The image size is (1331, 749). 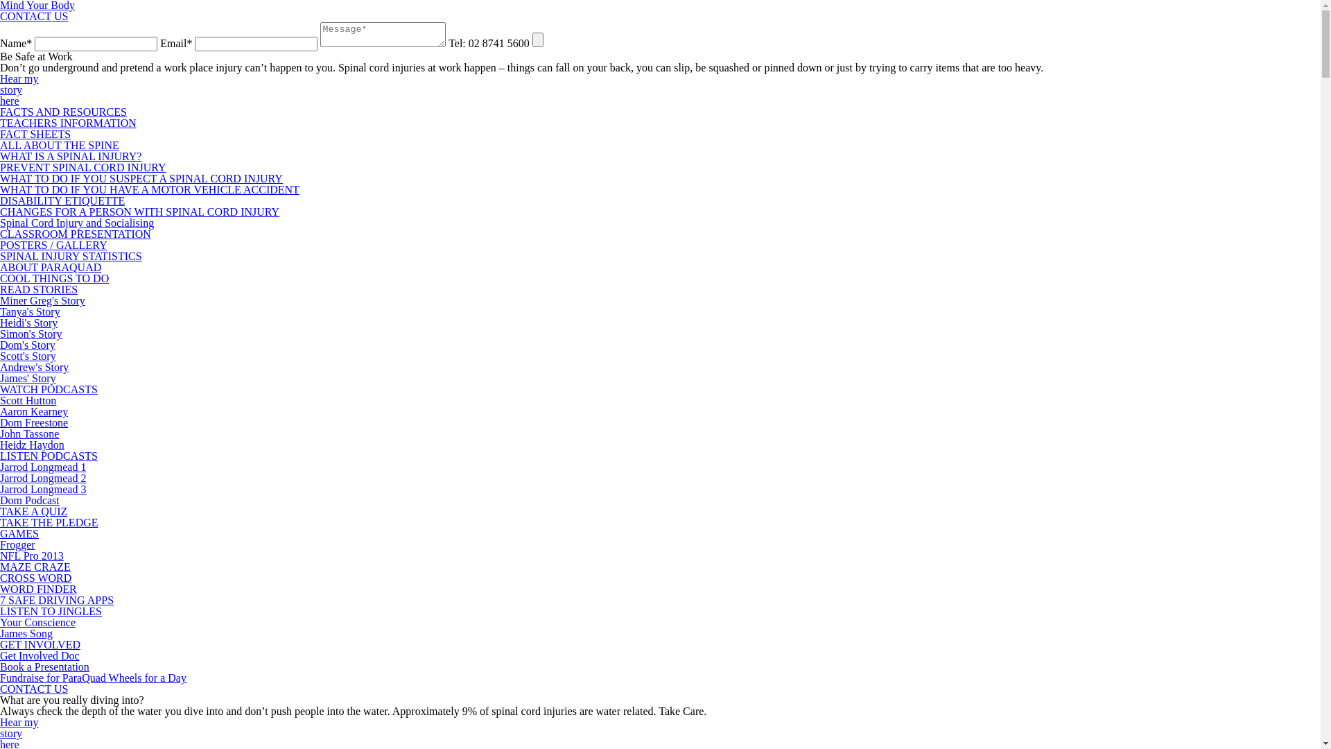 What do you see at coordinates (32, 555) in the screenshot?
I see `'NFL Pro 2013'` at bounding box center [32, 555].